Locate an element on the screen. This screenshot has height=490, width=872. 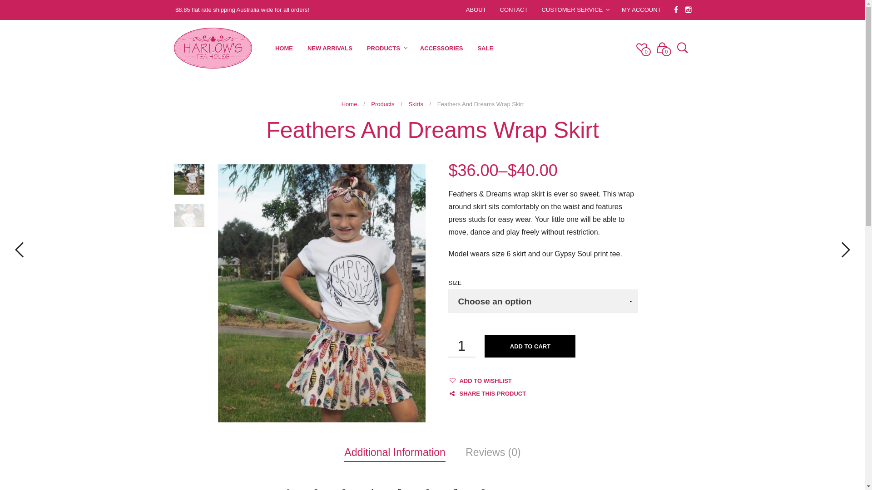
'Additional Information' is located at coordinates (394, 452).